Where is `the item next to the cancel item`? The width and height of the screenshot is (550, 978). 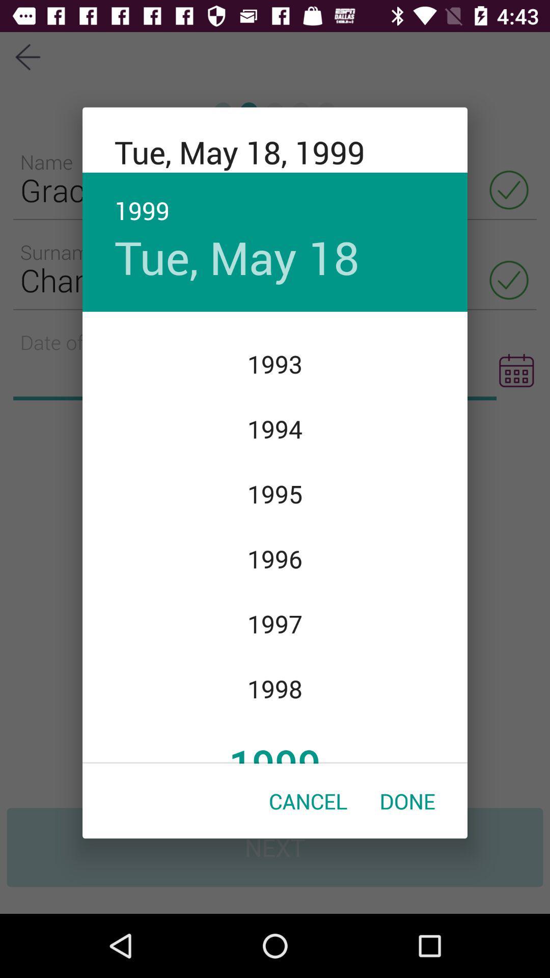 the item next to the cancel item is located at coordinates (407, 800).